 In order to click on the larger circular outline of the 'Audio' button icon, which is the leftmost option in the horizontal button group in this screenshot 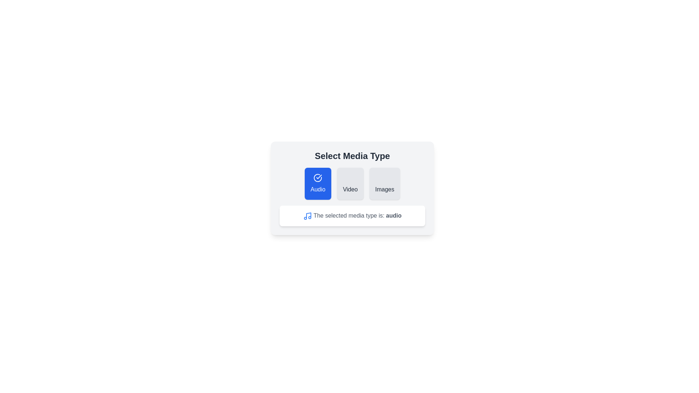, I will do `click(318, 178)`.